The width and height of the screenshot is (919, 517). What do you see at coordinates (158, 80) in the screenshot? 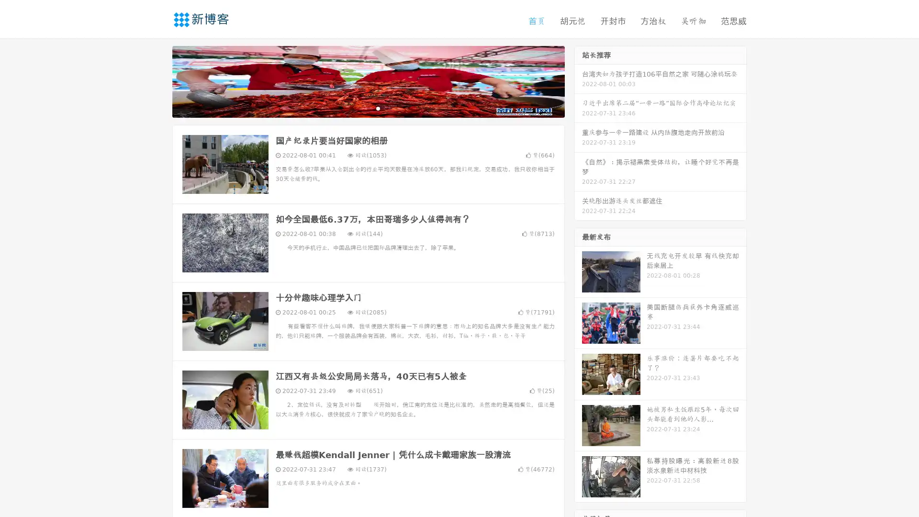
I see `Previous slide` at bounding box center [158, 80].